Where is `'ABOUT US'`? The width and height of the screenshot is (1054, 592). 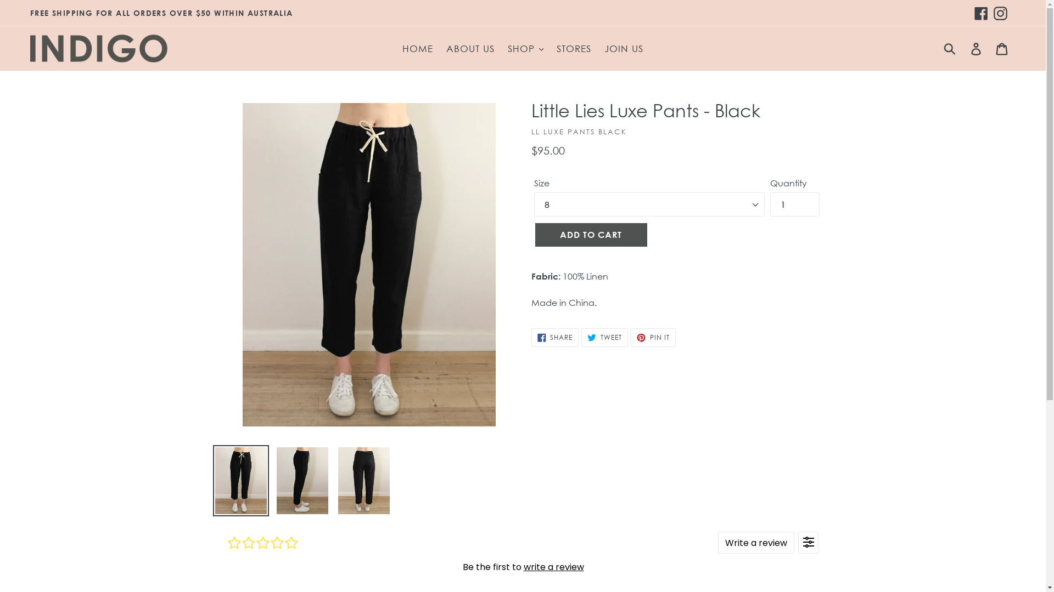 'ABOUT US' is located at coordinates (440, 48).